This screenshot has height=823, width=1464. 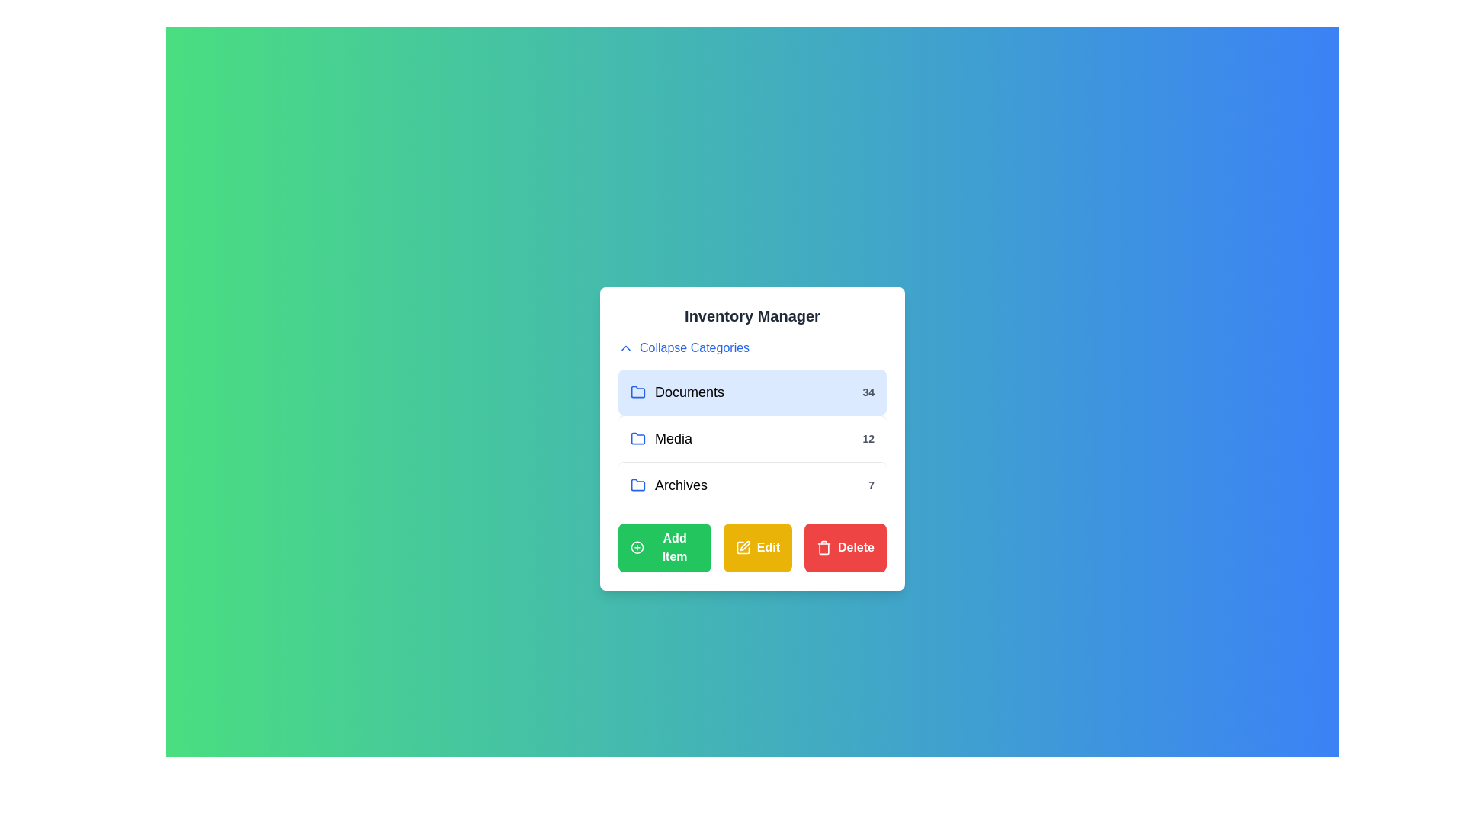 What do you see at coordinates (753, 485) in the screenshot?
I see `the category Archives from the list of categories` at bounding box center [753, 485].